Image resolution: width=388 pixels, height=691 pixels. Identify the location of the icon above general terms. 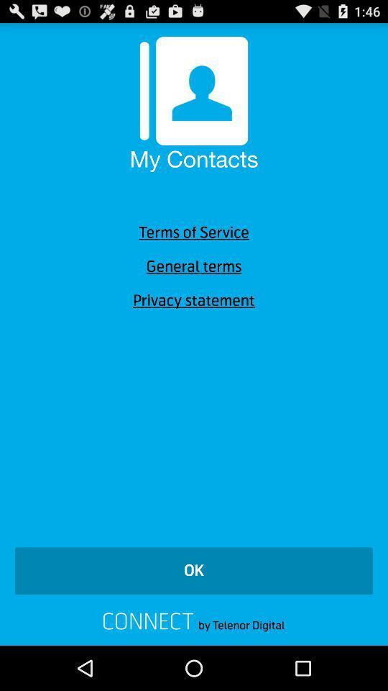
(194, 232).